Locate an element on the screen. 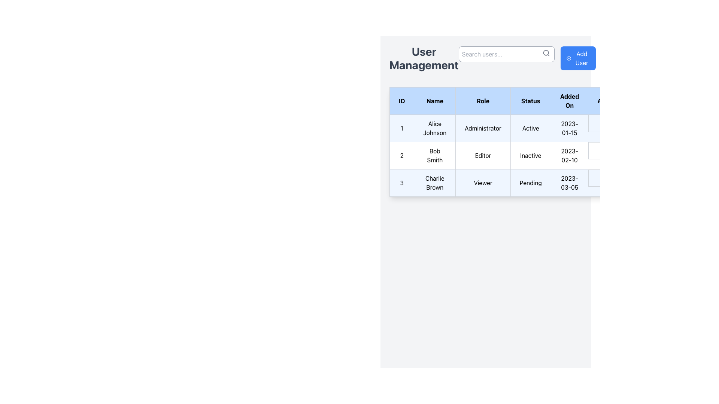  the 'Viewer' text label in the third column of the third row under the 'Role' column, which corresponds to 'Charlie Brown' is located at coordinates (483, 183).